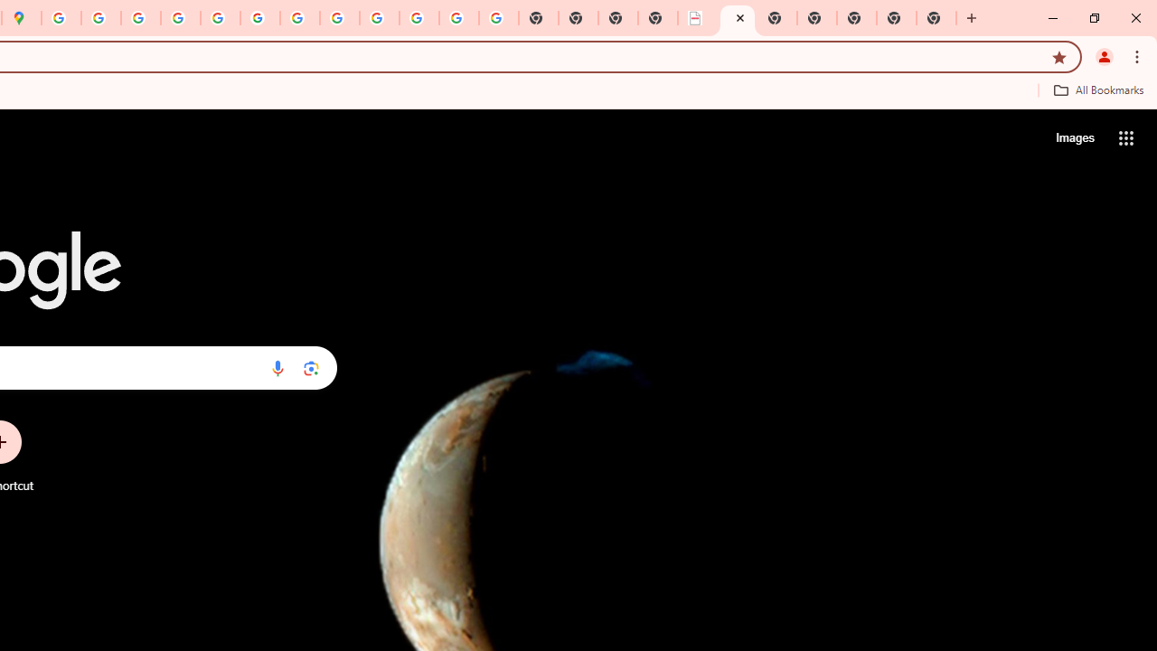  I want to click on 'New Tab', so click(936, 18).